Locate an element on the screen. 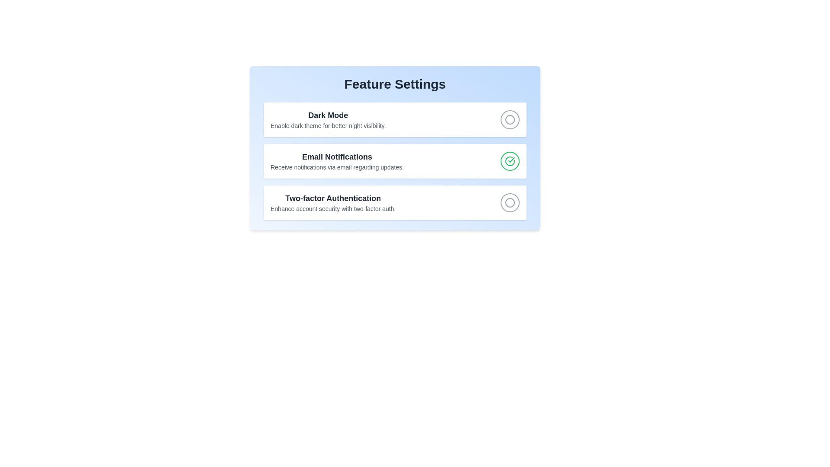  the text-based informational element that communicates 'Two-factor Authentication' benefits located in the bottom section of the settings interface under 'Email Notifications' is located at coordinates (332, 203).